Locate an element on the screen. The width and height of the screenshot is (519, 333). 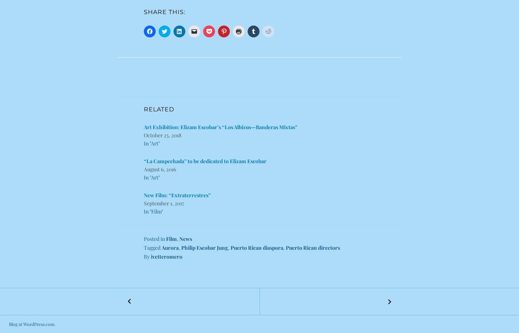
'Art Exhibition: Elizam Escobar’s “Los Albizus—Banderas Mixtas”' is located at coordinates (221, 127).